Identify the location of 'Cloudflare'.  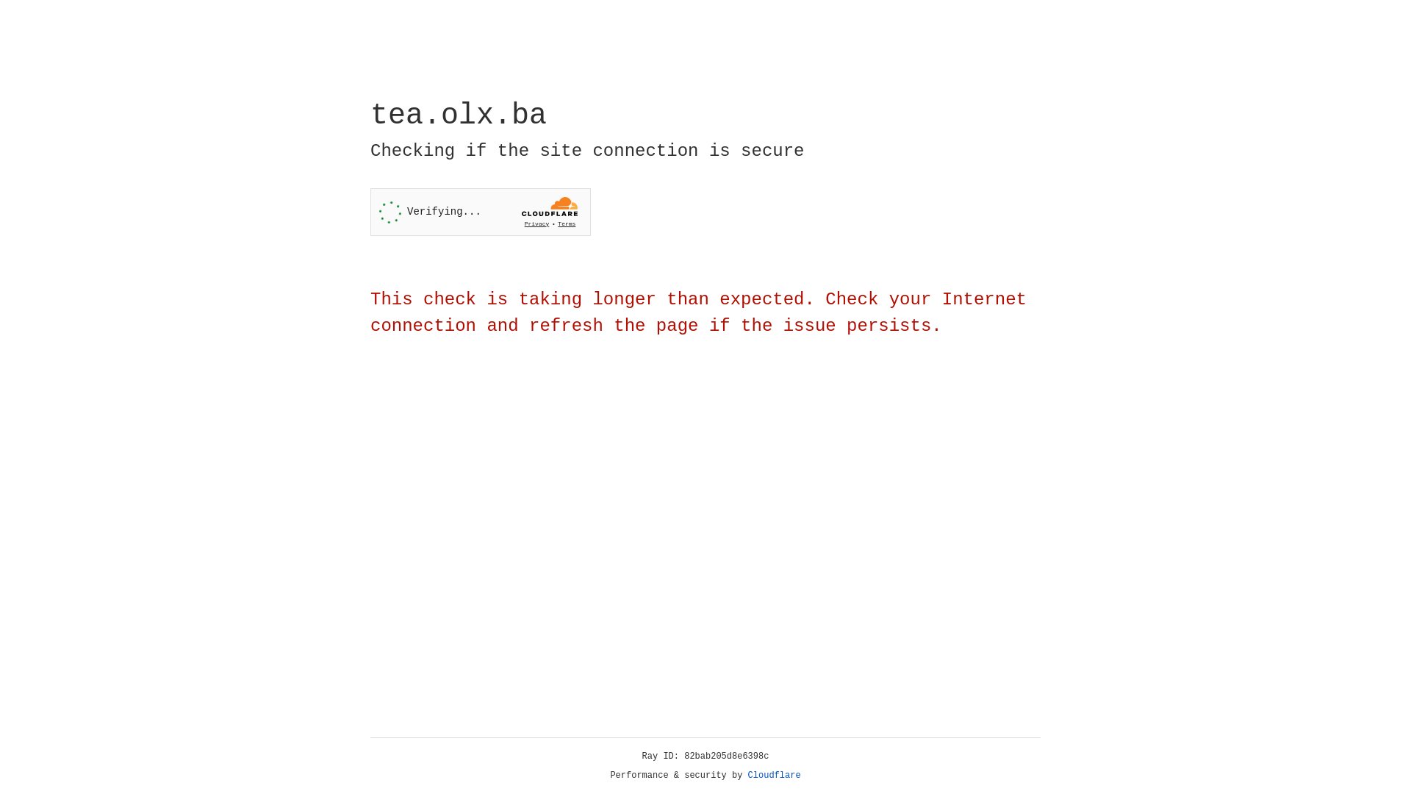
(747, 775).